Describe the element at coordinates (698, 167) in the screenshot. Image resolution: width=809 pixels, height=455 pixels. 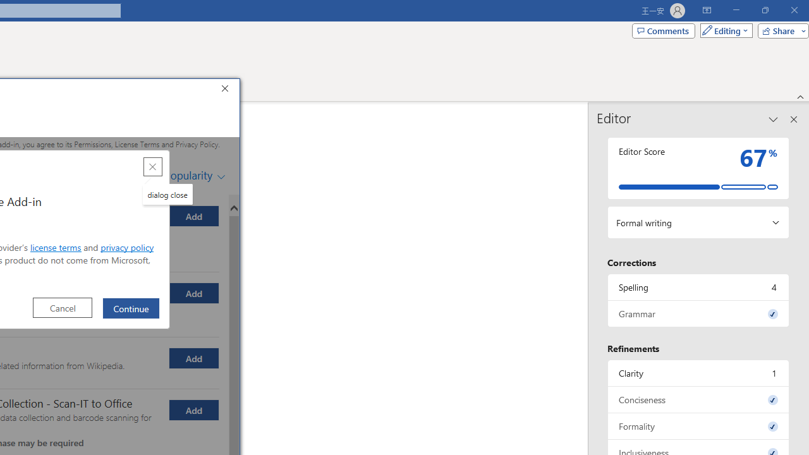
I see `'Editor Score 67%'` at that location.